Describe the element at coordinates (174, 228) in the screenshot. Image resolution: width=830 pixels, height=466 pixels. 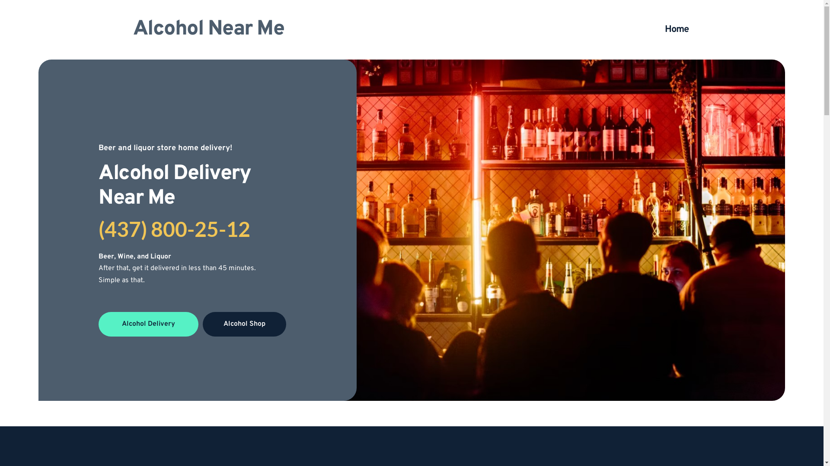
I see `'(437) 800-25-12'` at that location.